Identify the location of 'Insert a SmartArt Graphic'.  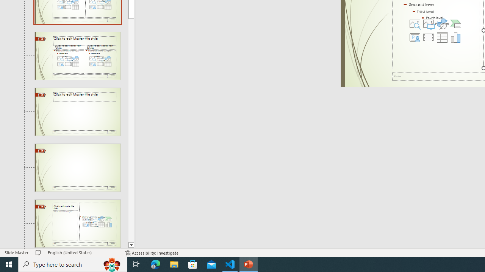
(455, 23).